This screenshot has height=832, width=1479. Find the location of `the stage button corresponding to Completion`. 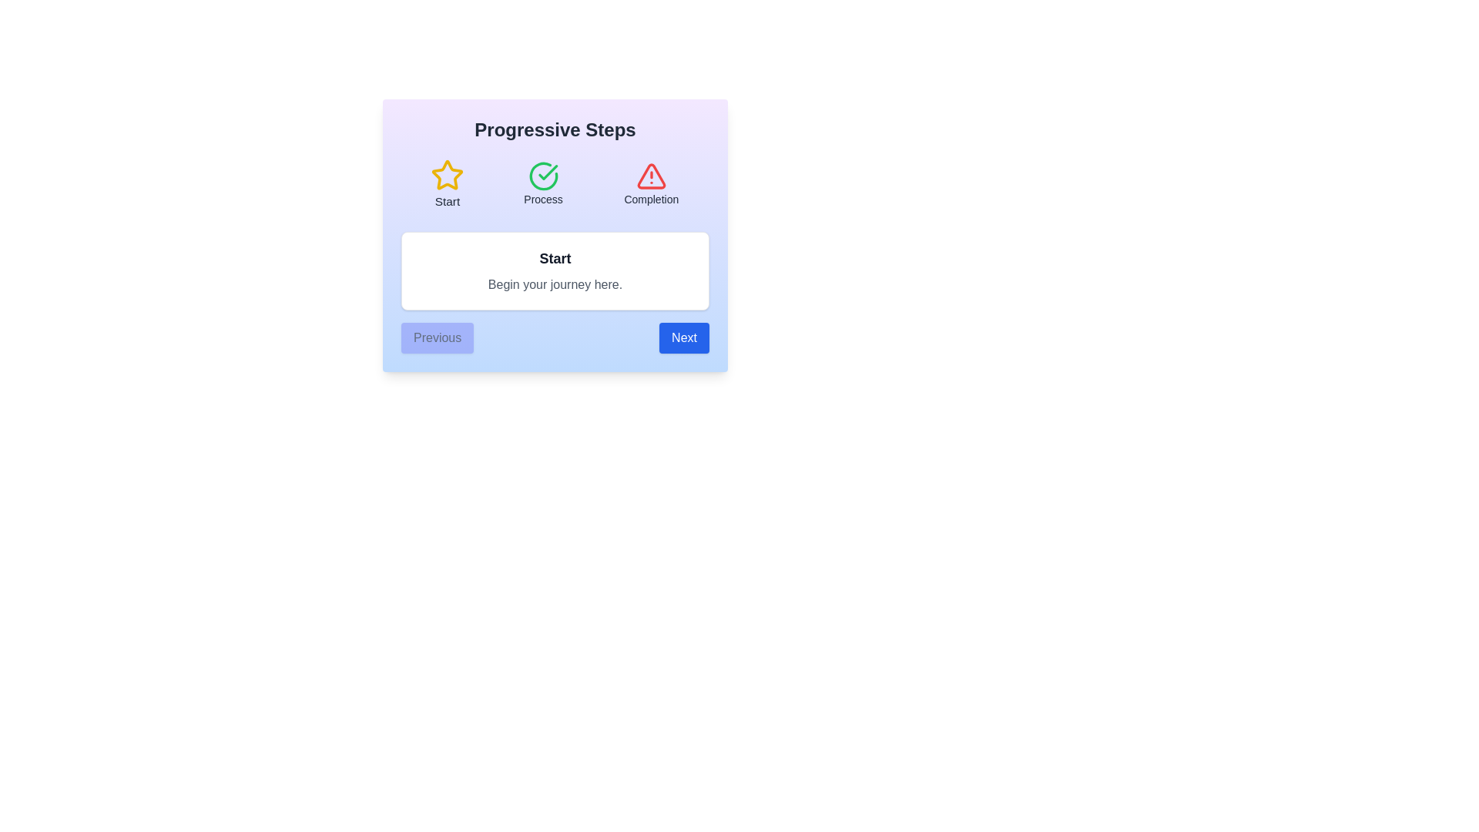

the stage button corresponding to Completion is located at coordinates (651, 183).